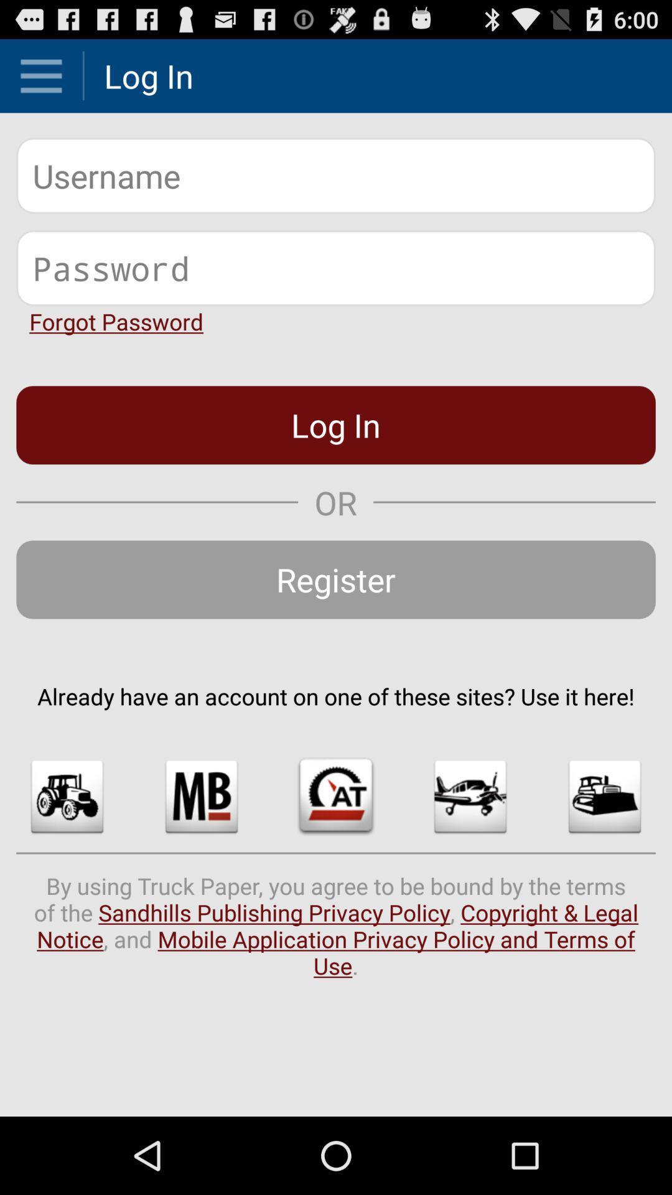 The width and height of the screenshot is (672, 1195). Describe the element at coordinates (201, 797) in the screenshot. I see `login with mb site credentials` at that location.